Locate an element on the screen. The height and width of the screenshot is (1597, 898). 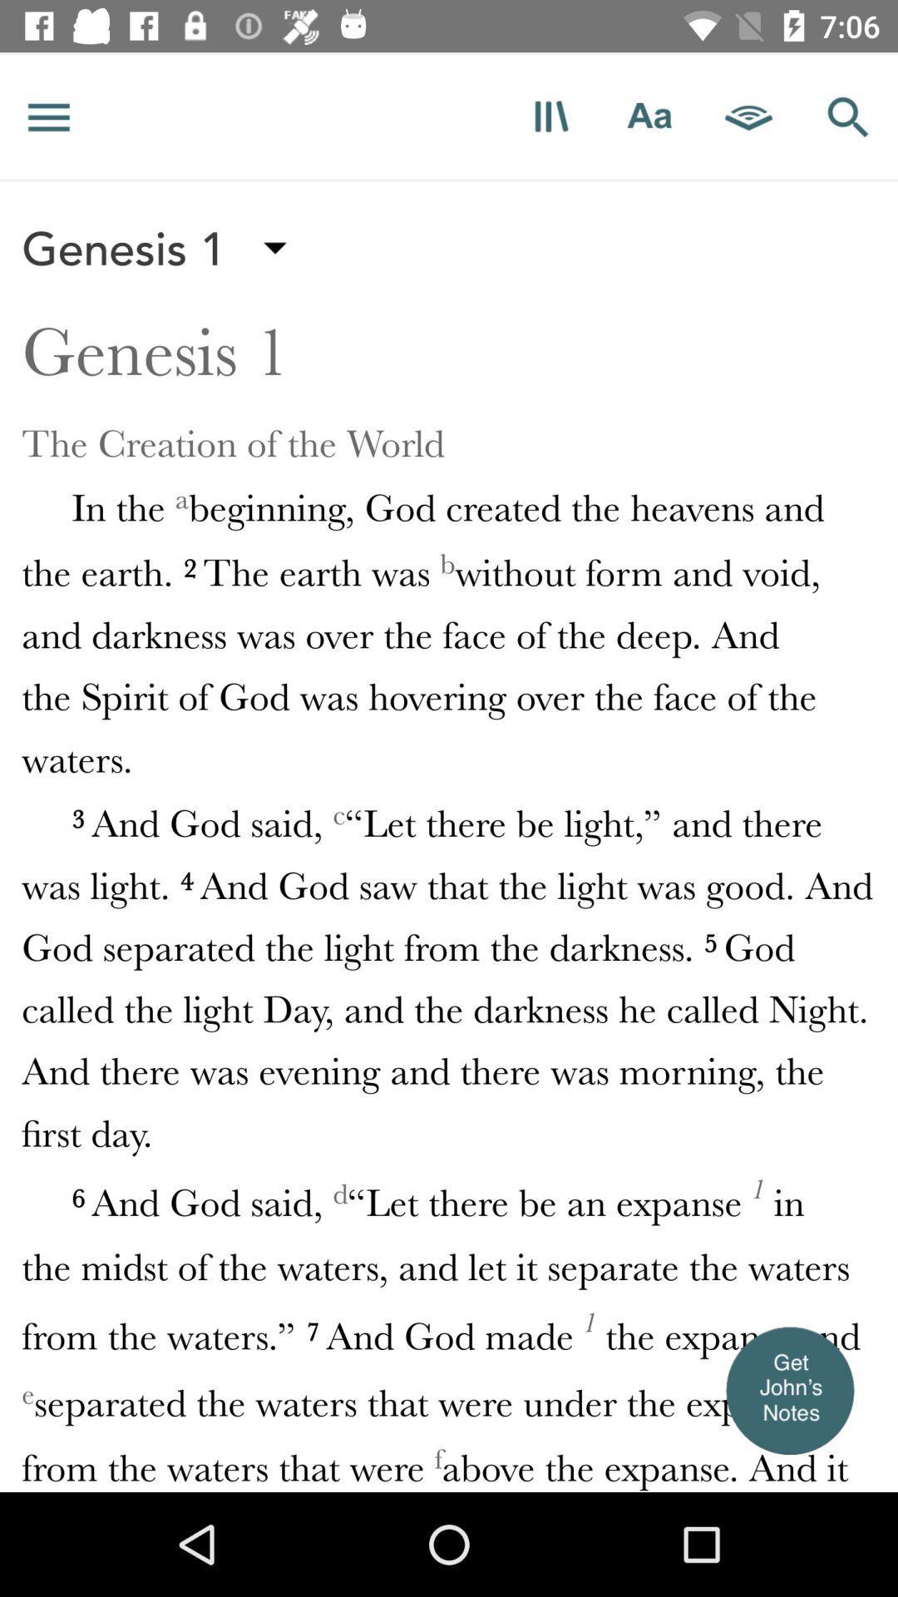
textalignment is located at coordinates (649, 116).